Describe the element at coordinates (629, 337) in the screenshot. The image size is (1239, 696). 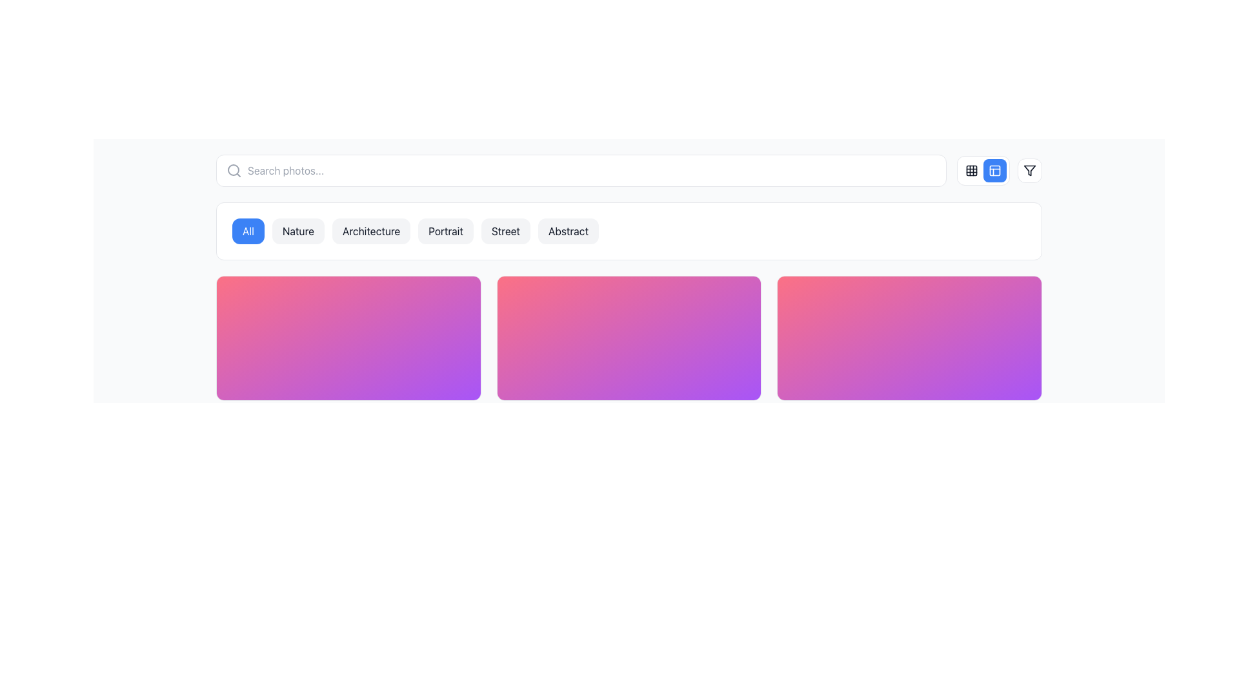
I see `the card component that displays content, positioned` at that location.